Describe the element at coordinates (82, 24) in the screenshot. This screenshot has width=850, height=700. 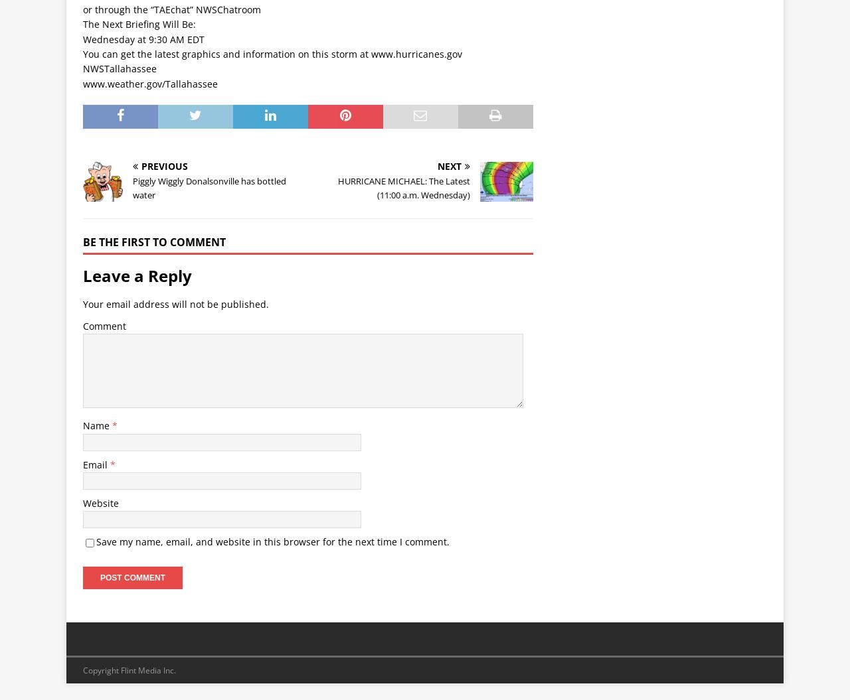
I see `'The Next Briefing Will Be:'` at that location.